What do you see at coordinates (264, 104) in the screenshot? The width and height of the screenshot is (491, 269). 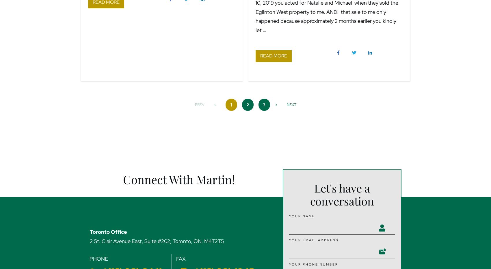 I see `'3'` at bounding box center [264, 104].